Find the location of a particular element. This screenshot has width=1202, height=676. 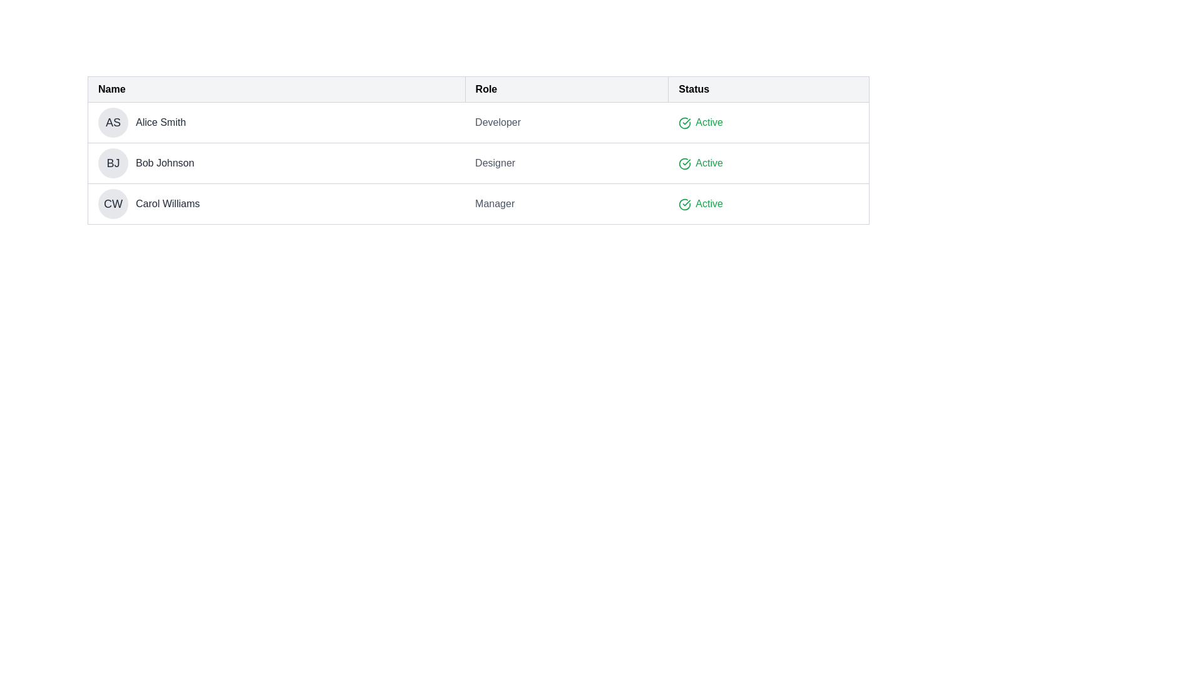

the text label 'Carol Williams' located in the third row of a table, to the right of the circular avatar with initials 'CW' is located at coordinates (167, 203).